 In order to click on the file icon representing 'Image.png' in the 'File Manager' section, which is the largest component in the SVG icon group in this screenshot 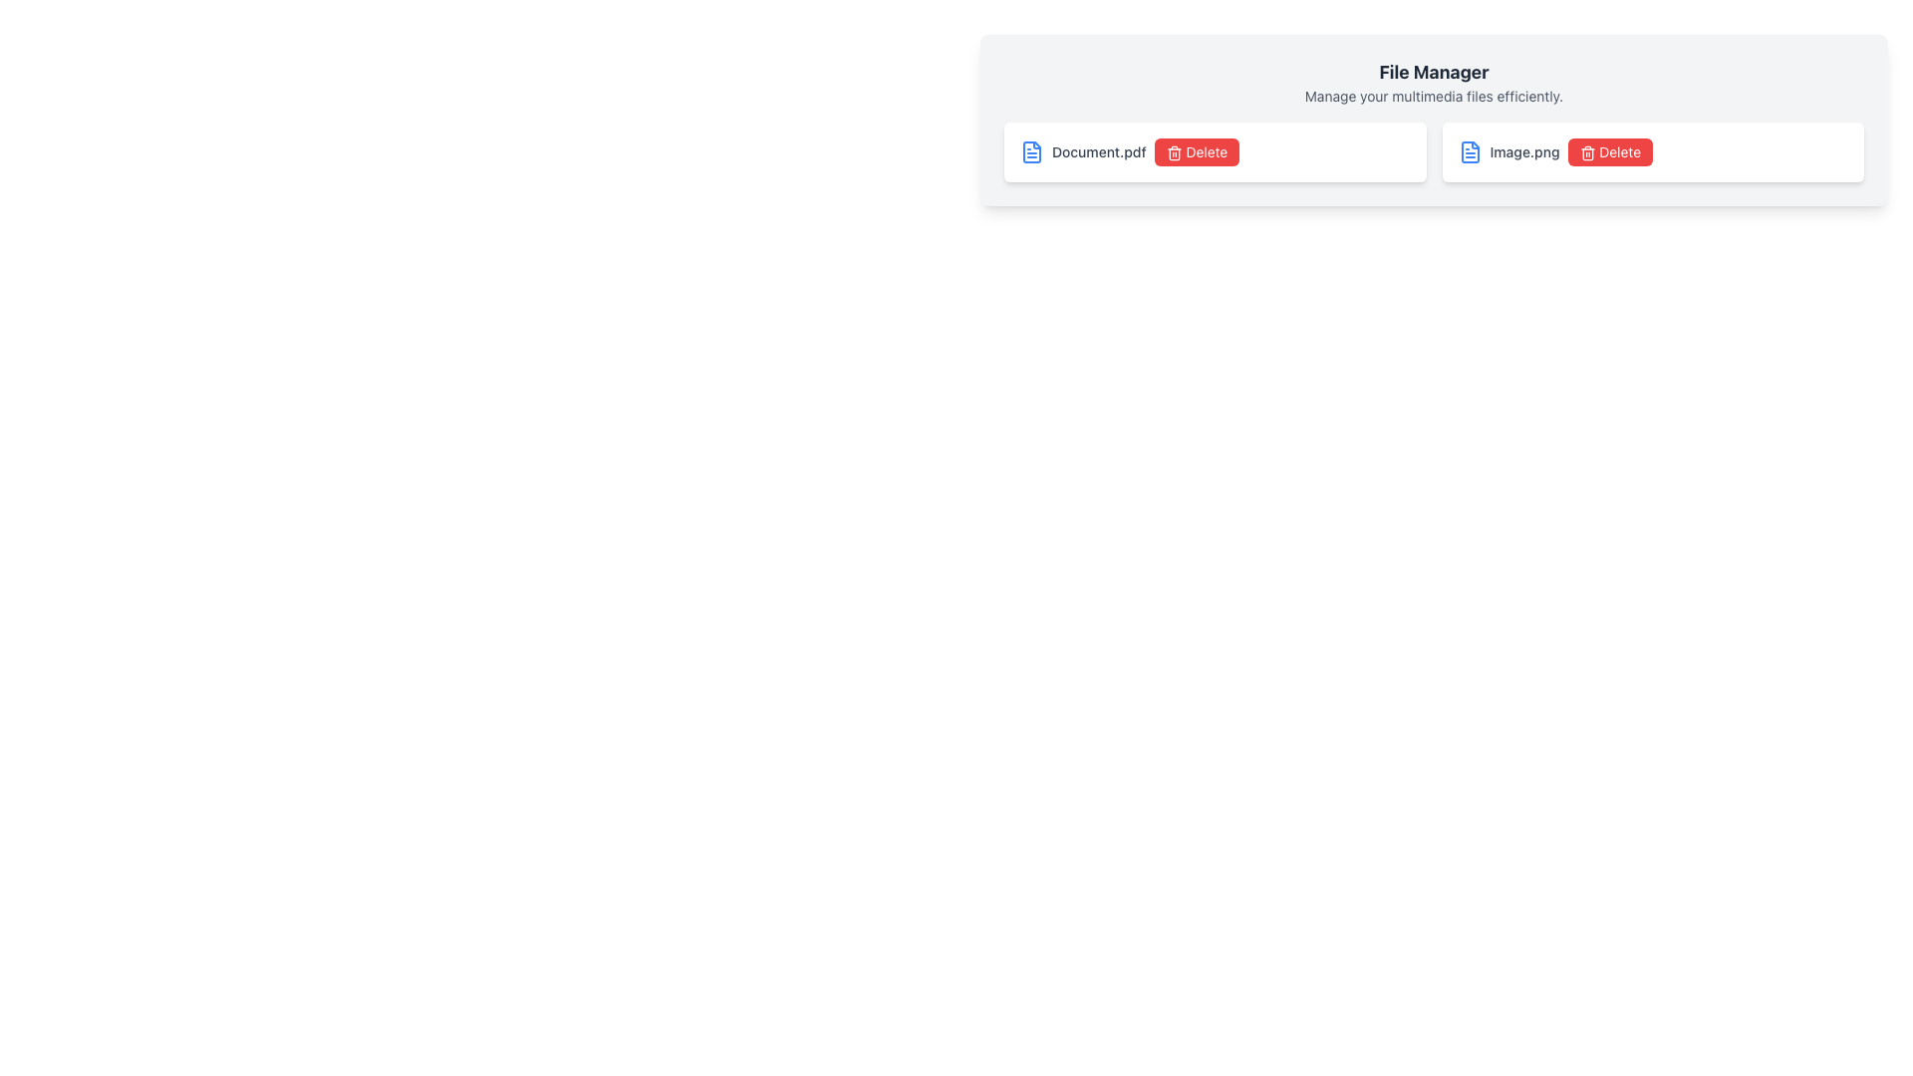, I will do `click(1470, 151)`.